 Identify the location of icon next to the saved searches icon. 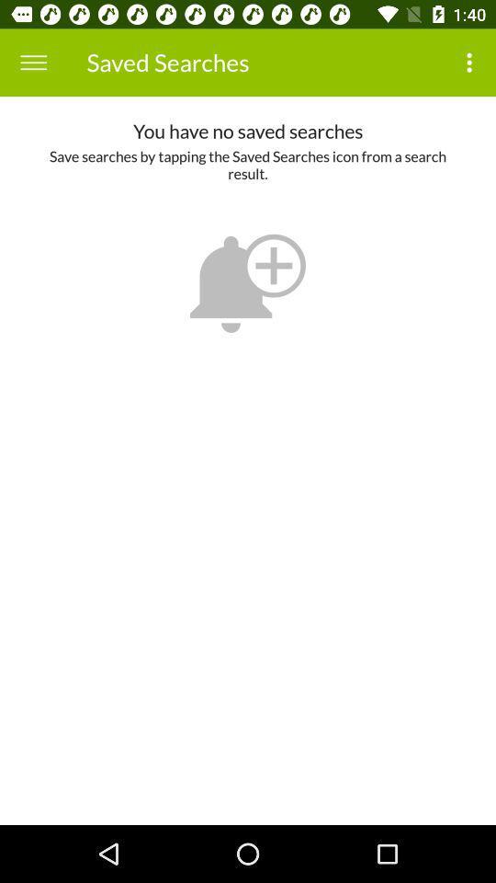
(33, 63).